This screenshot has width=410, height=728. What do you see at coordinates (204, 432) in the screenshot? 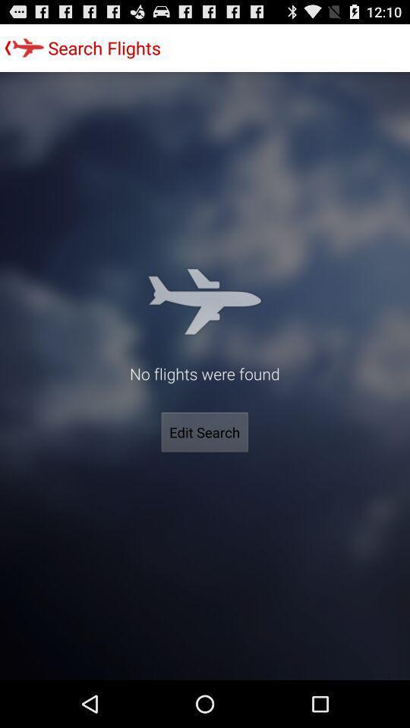
I see `the edit search` at bounding box center [204, 432].